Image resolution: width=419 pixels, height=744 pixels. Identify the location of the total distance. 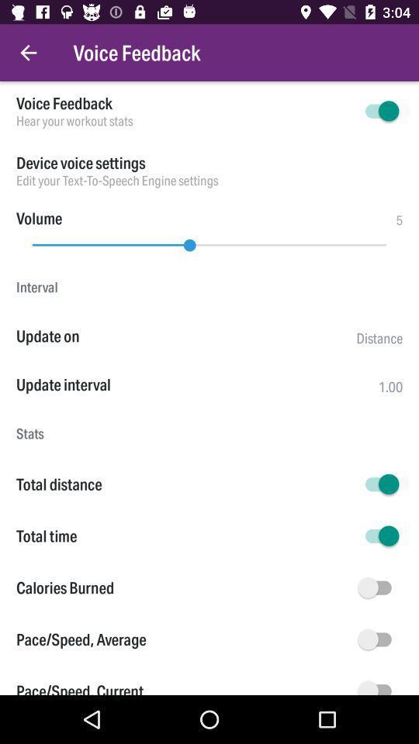
(185, 483).